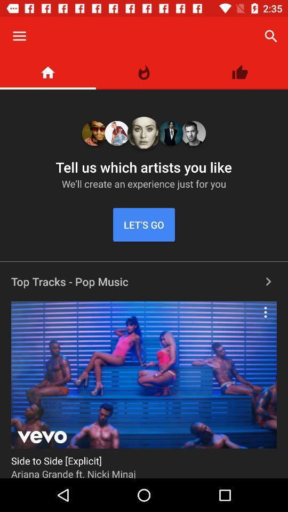 This screenshot has height=512, width=288. What do you see at coordinates (144, 225) in the screenshot?
I see `the let's go` at bounding box center [144, 225].